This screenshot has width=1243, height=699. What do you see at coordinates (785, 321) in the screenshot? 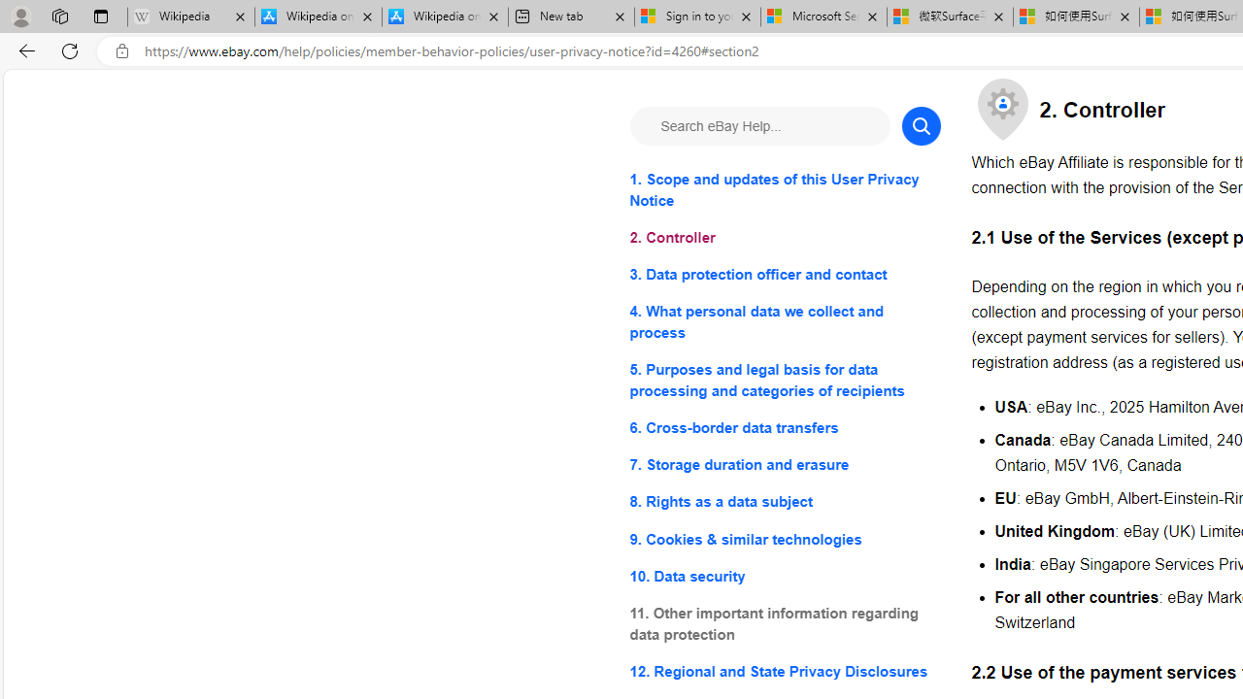
I see `'4. What personal data we collect and process'` at bounding box center [785, 321].